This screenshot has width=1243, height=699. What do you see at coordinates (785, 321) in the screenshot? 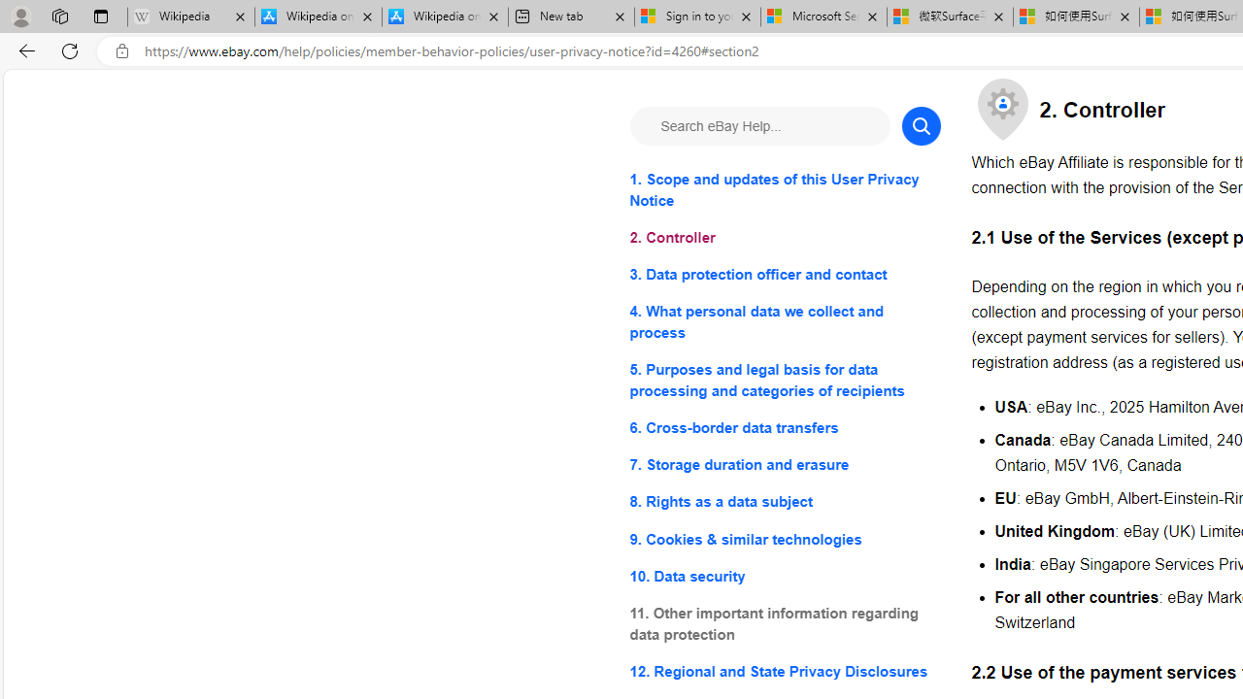
I see `'4. What personal data we collect and process'` at bounding box center [785, 321].